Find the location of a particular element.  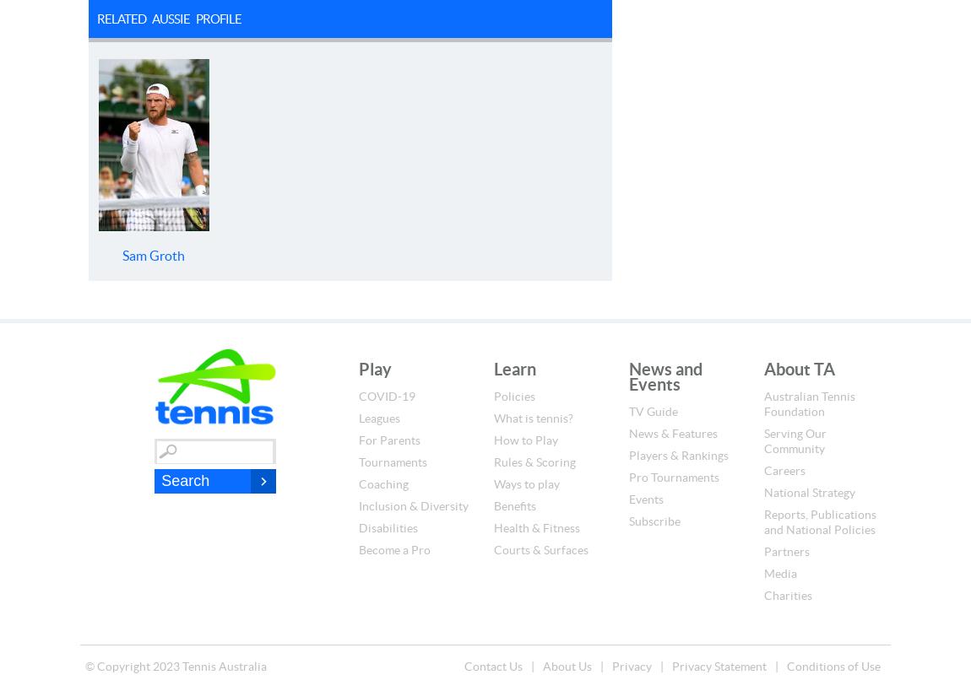

'Search' is located at coordinates (184, 481).